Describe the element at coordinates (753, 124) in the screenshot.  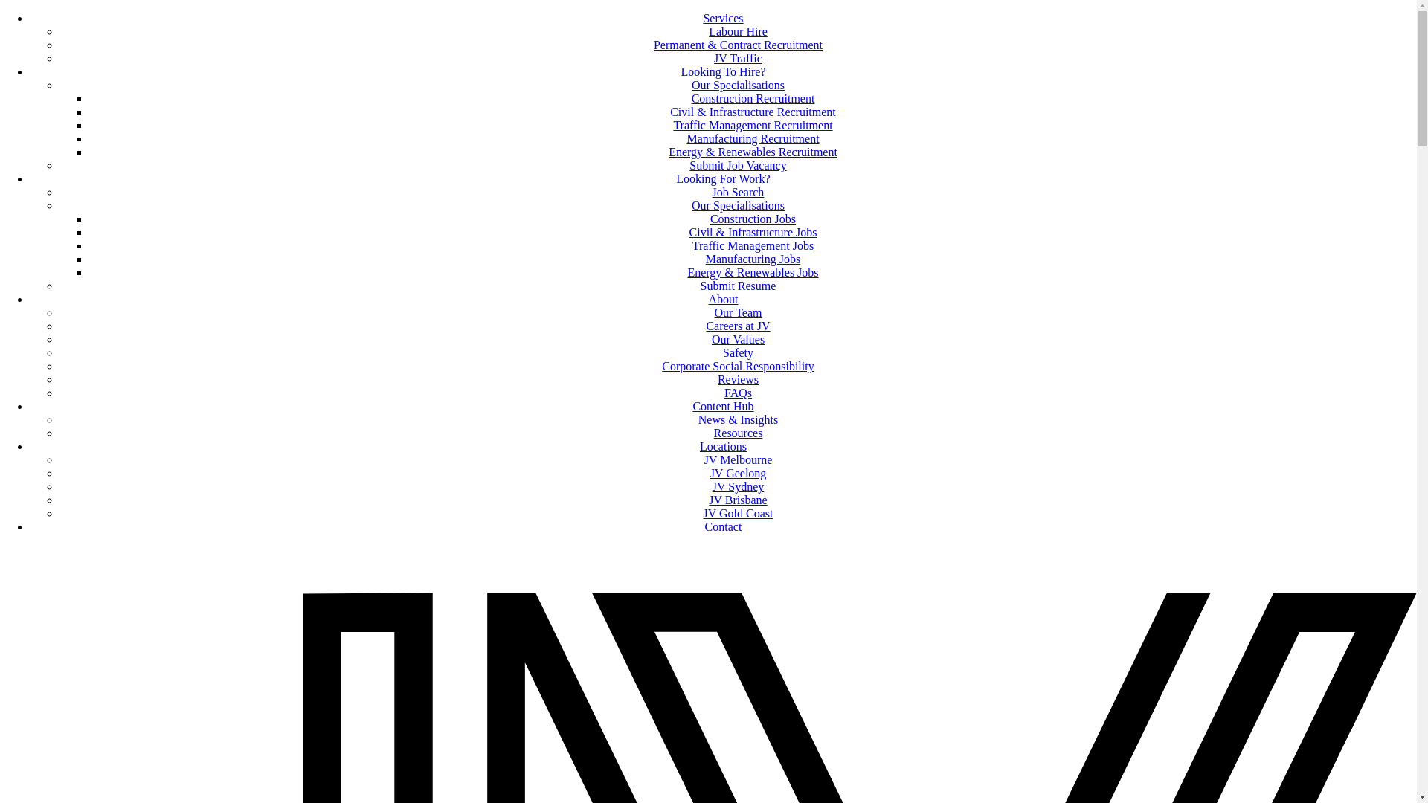
I see `'Traffic Management Recruitment'` at that location.